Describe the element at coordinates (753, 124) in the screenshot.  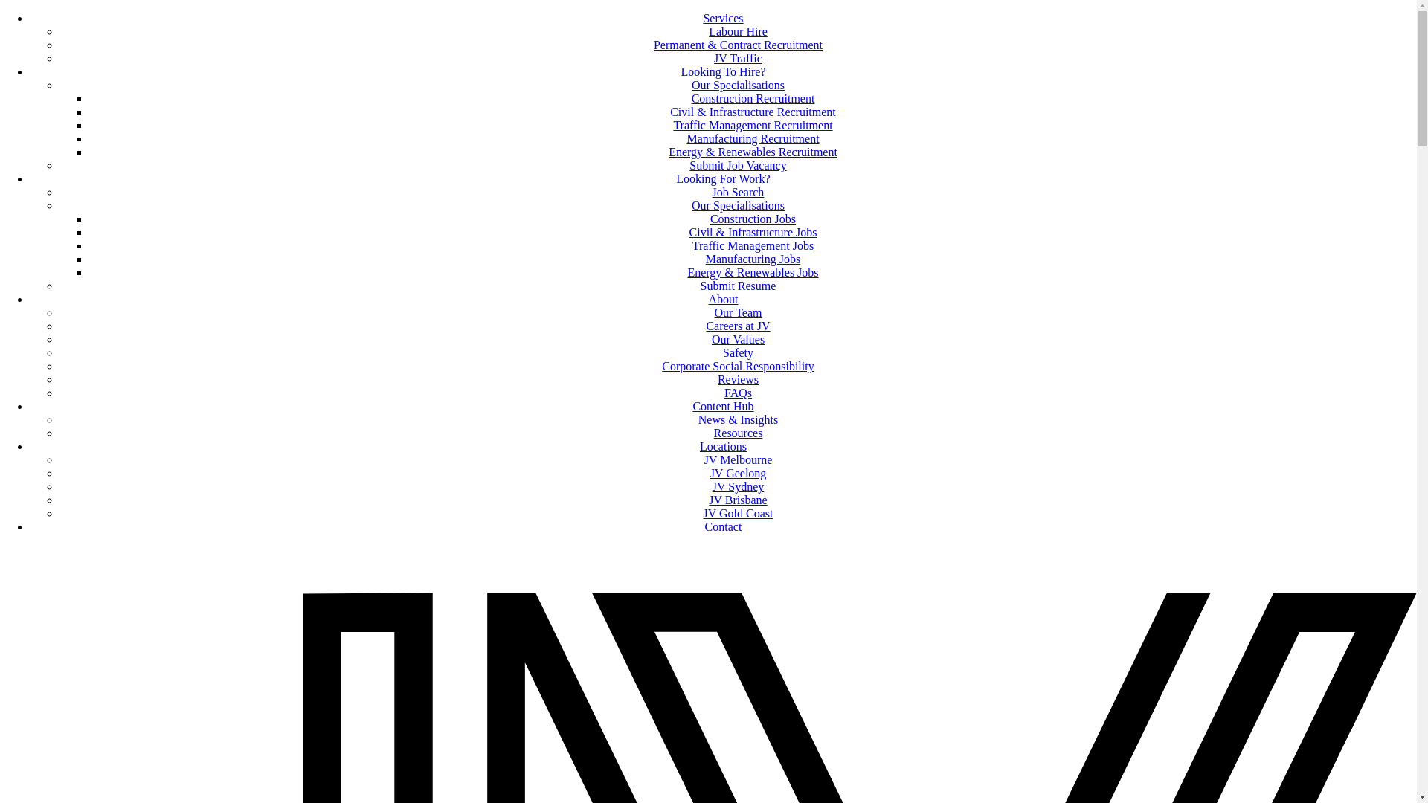
I see `'Traffic Management Recruitment'` at that location.